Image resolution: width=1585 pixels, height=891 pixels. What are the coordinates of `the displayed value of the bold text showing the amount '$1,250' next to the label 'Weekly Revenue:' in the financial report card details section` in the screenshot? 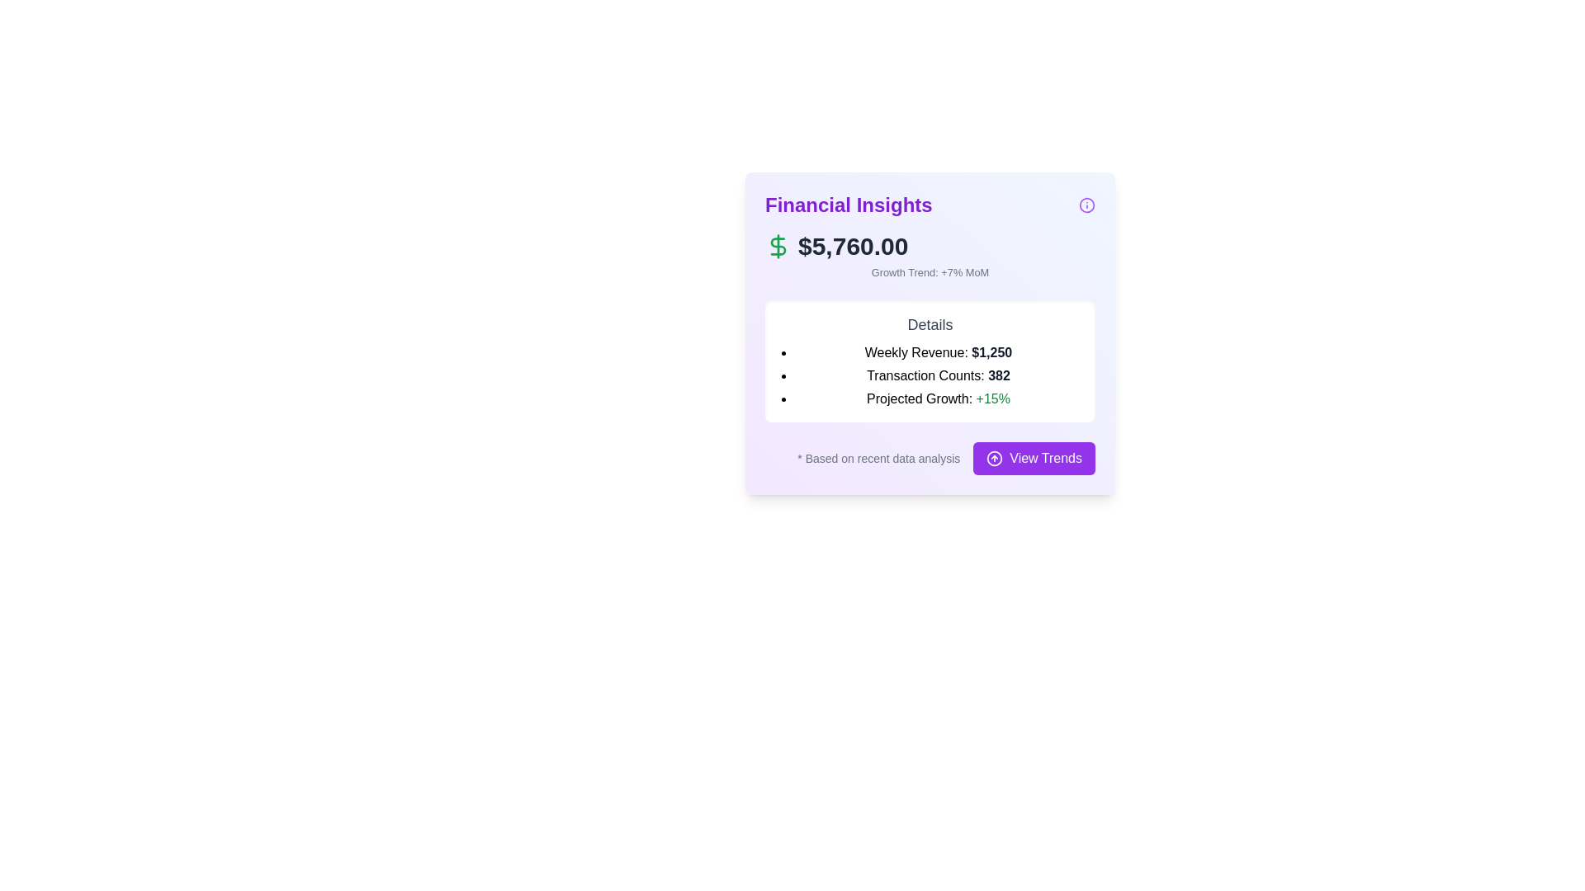 It's located at (991, 351).